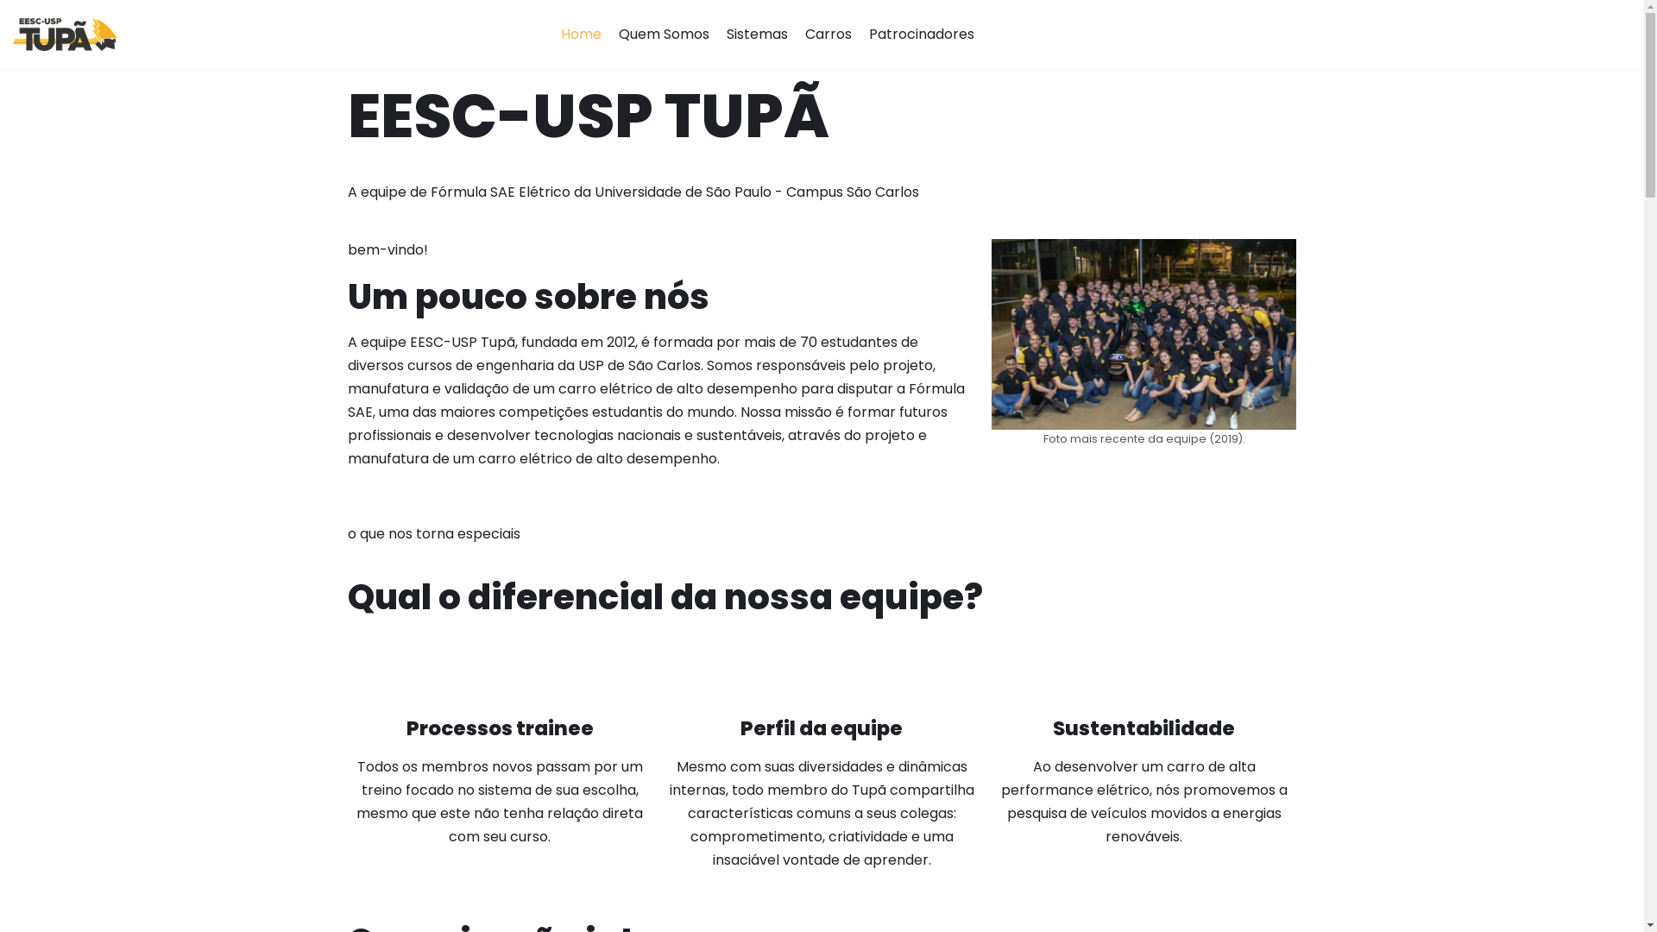 This screenshot has height=932, width=1657. Describe the element at coordinates (663, 34) in the screenshot. I see `'Quem Somos'` at that location.